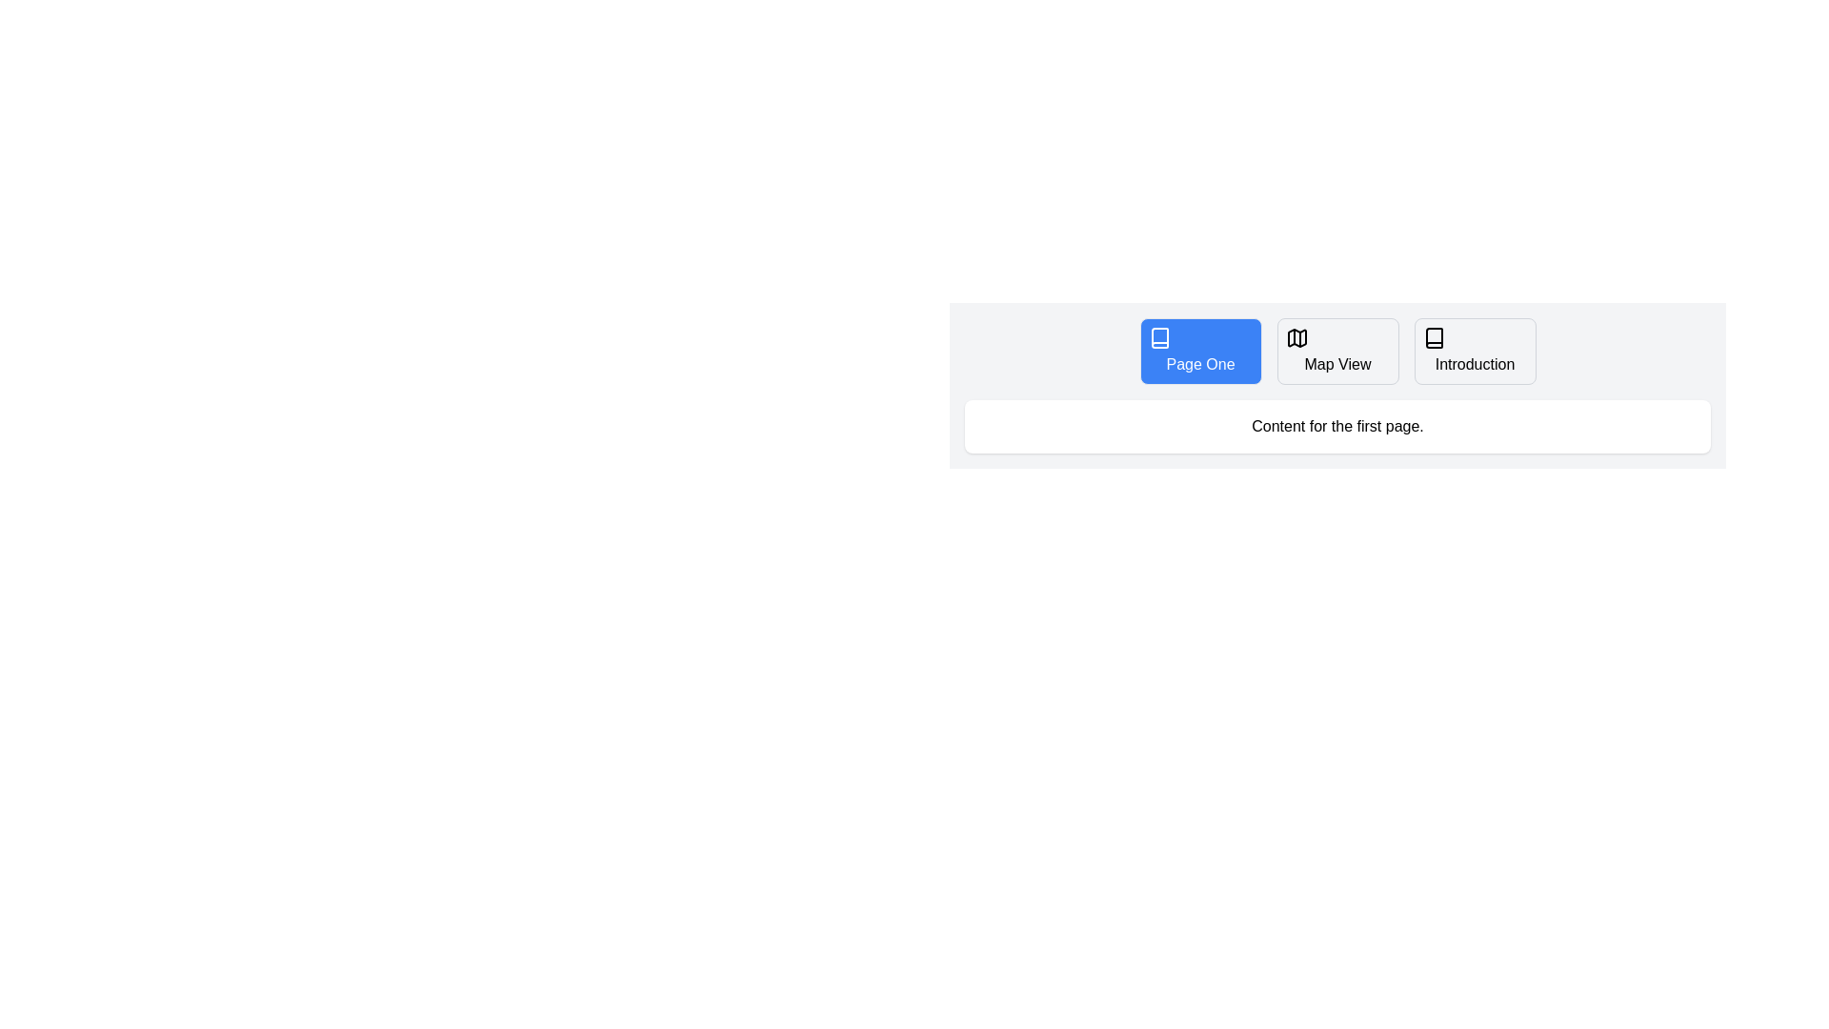 The width and height of the screenshot is (1829, 1029). I want to click on the 'Map View' button, which contains a map icon, so click(1296, 336).